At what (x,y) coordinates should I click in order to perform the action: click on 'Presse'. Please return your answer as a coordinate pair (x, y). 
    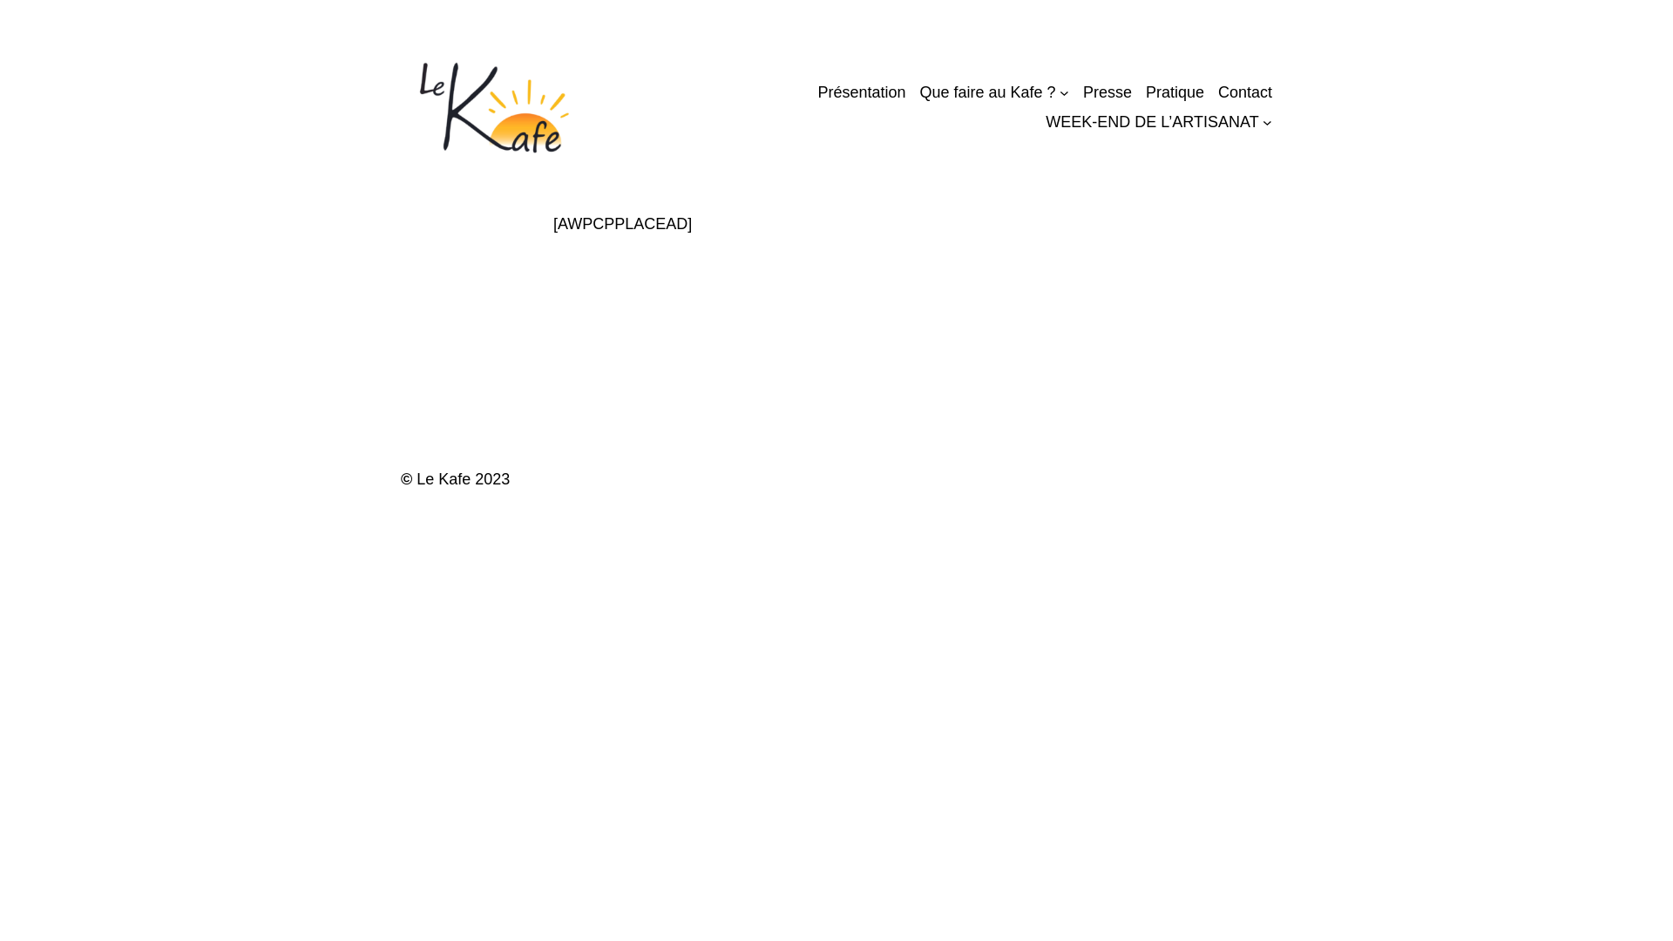
    Looking at the image, I should click on (1107, 91).